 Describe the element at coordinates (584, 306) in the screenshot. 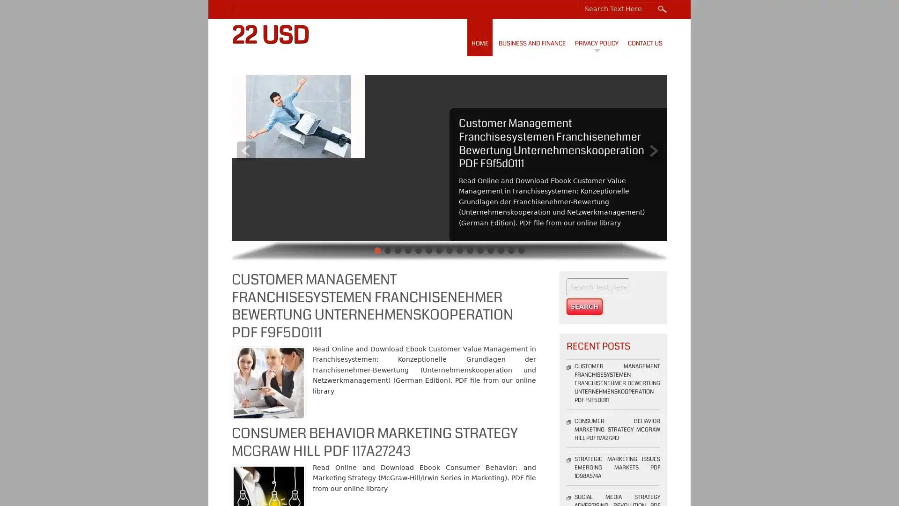

I see `Search` at that location.